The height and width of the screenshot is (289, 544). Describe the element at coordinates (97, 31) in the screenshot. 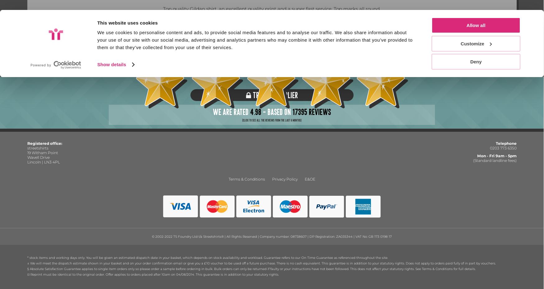

I see `'Show details'` at that location.